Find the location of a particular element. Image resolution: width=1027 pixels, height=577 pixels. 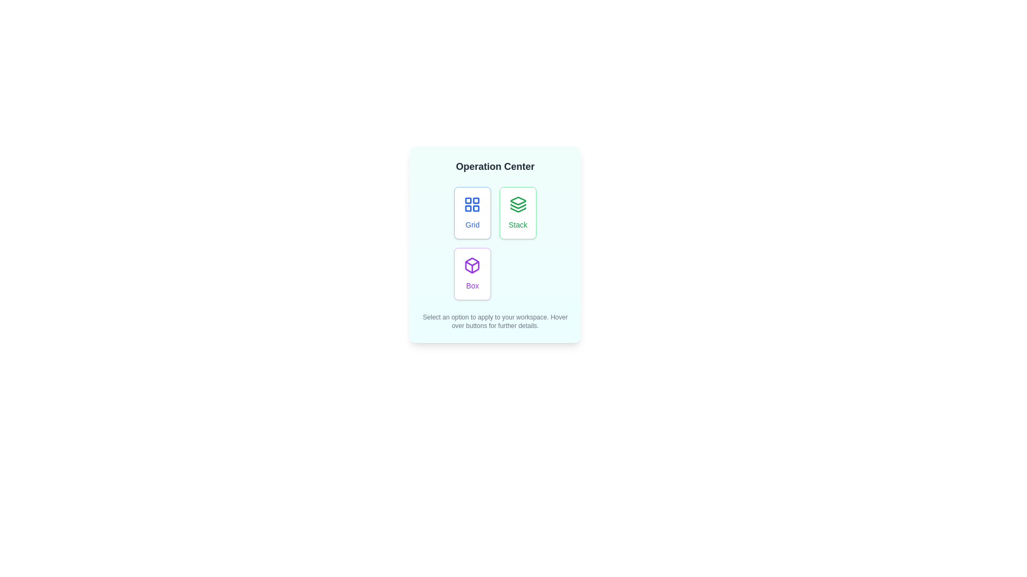

the 'Grid' icon in the top-left corner of the 'Operation Center' section, which represents a grid layout function is located at coordinates (472, 204).